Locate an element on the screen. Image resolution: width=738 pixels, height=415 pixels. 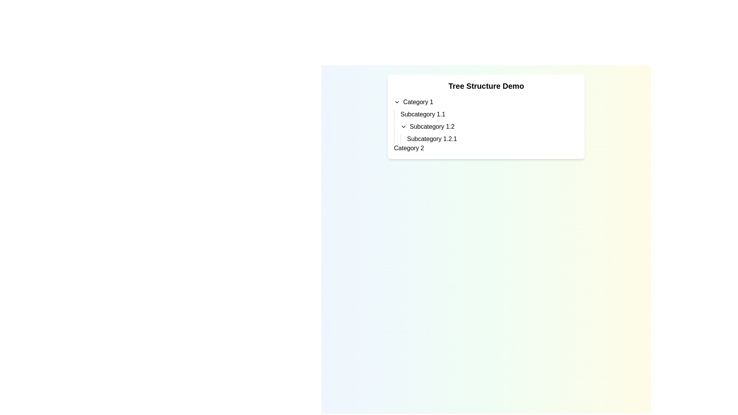
the collapsible list item labeled 'Subcategory 1.2' to navigate the menu structure is located at coordinates (489, 126).